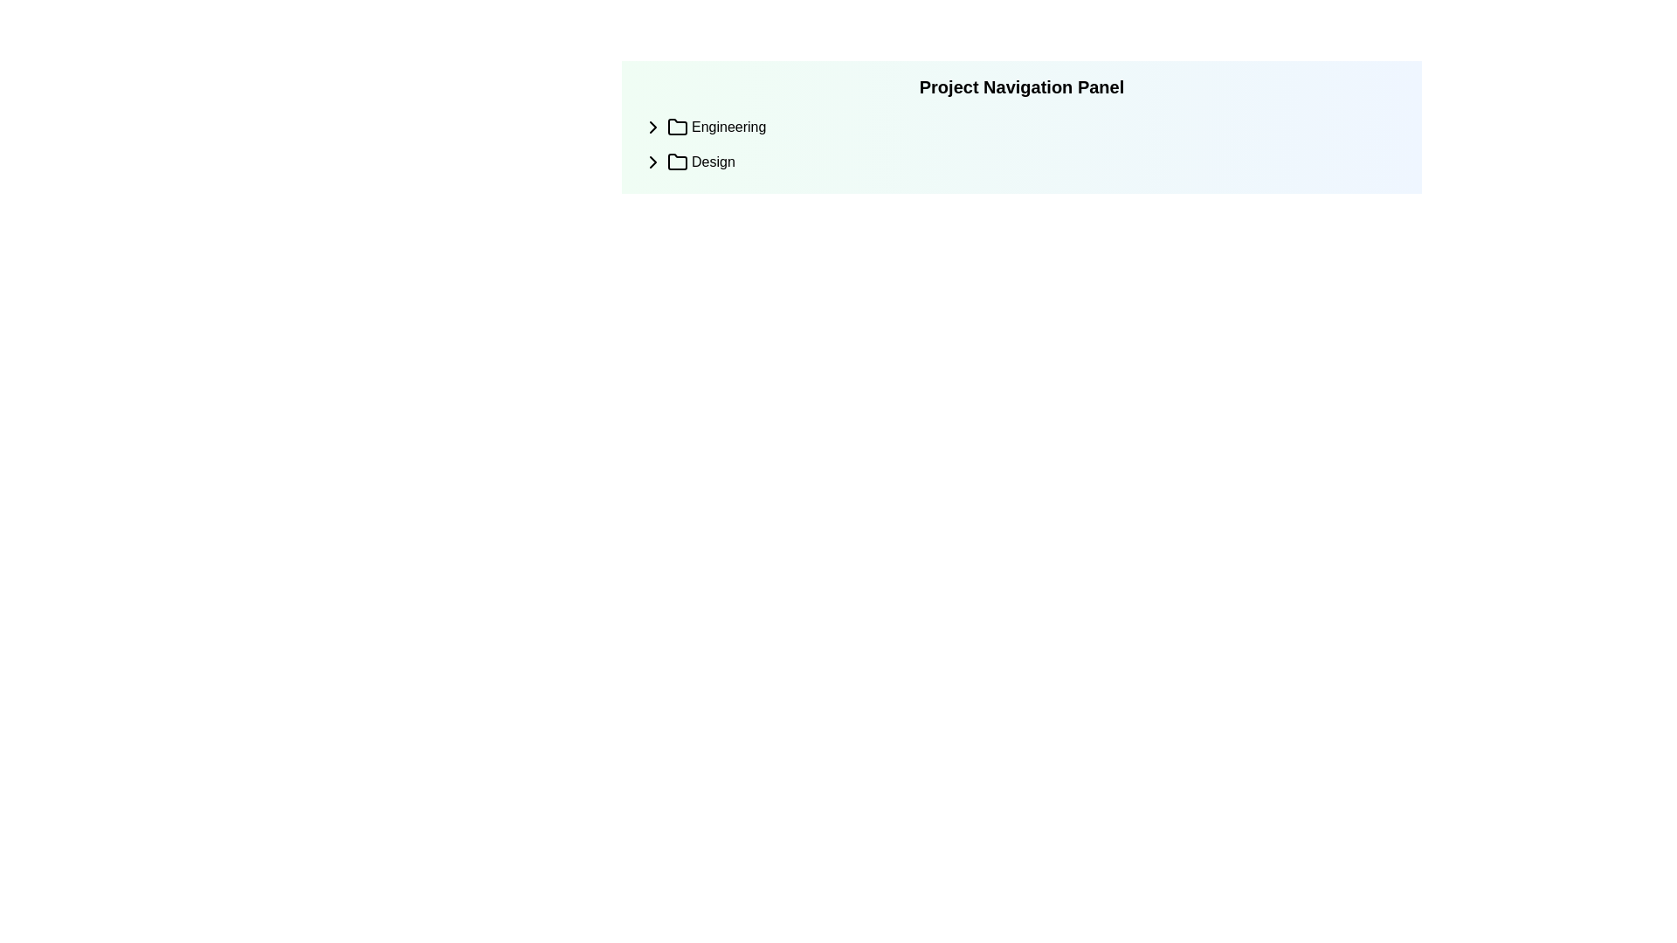 Image resolution: width=1677 pixels, height=943 pixels. What do you see at coordinates (677, 162) in the screenshot?
I see `the minimalist black folder icon located to the left of the 'Design' text label in the project navigation panel` at bounding box center [677, 162].